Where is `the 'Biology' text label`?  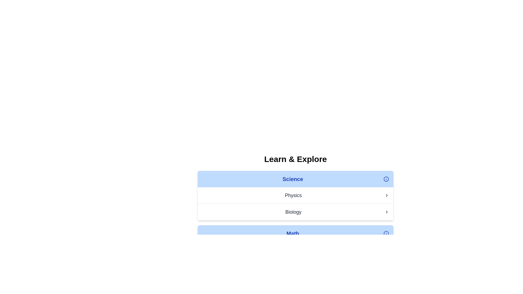
the 'Biology' text label is located at coordinates (293, 212).